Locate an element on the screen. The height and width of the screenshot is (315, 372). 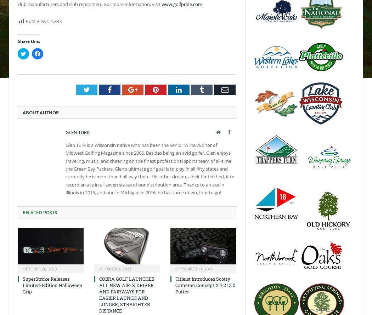
'Posts' is located at coordinates (49, 212).